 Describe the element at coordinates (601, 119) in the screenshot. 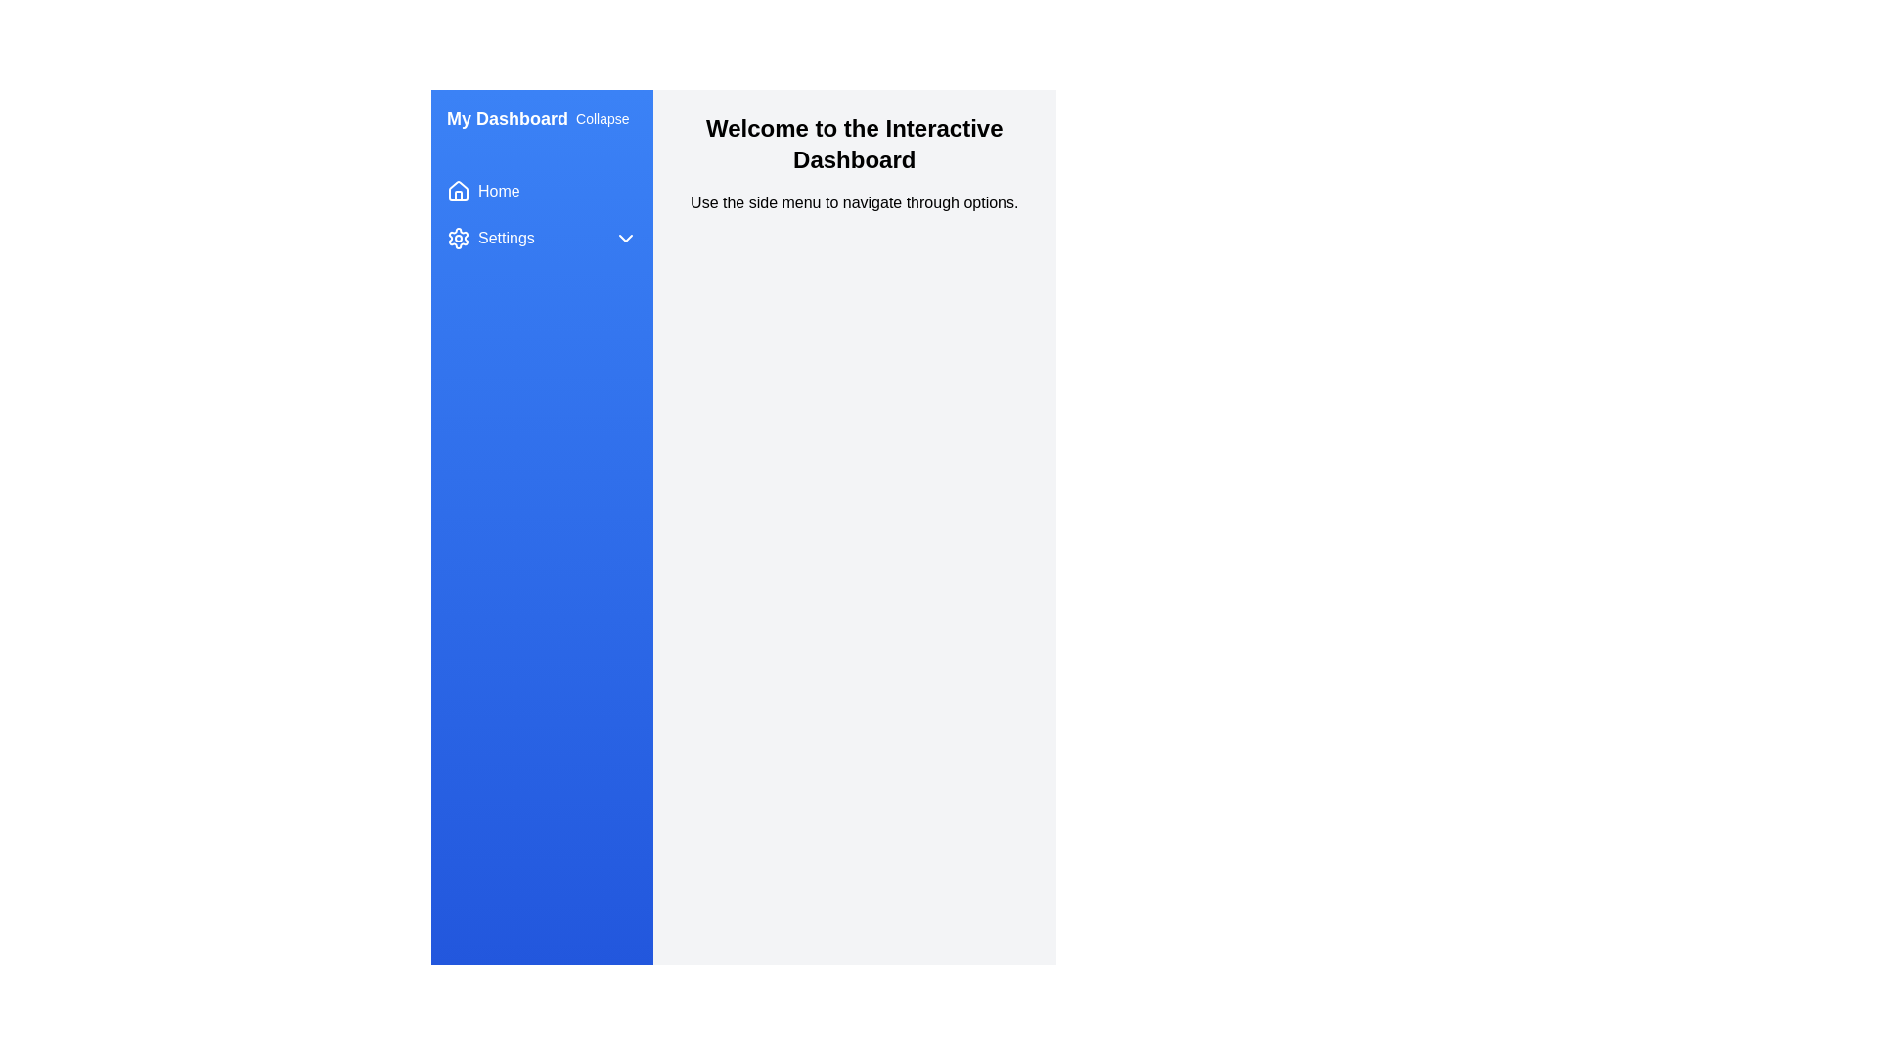

I see `the button located at the top right corner of the 'My Dashboard' section` at that location.